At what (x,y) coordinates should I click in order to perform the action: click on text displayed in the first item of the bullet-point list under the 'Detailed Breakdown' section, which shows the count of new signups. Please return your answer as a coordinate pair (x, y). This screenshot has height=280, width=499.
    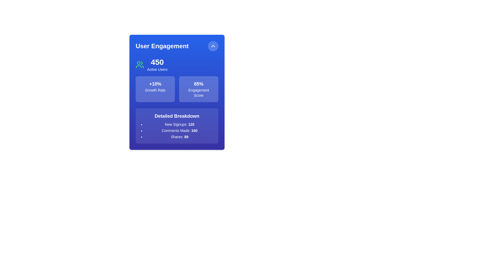
    Looking at the image, I should click on (180, 124).